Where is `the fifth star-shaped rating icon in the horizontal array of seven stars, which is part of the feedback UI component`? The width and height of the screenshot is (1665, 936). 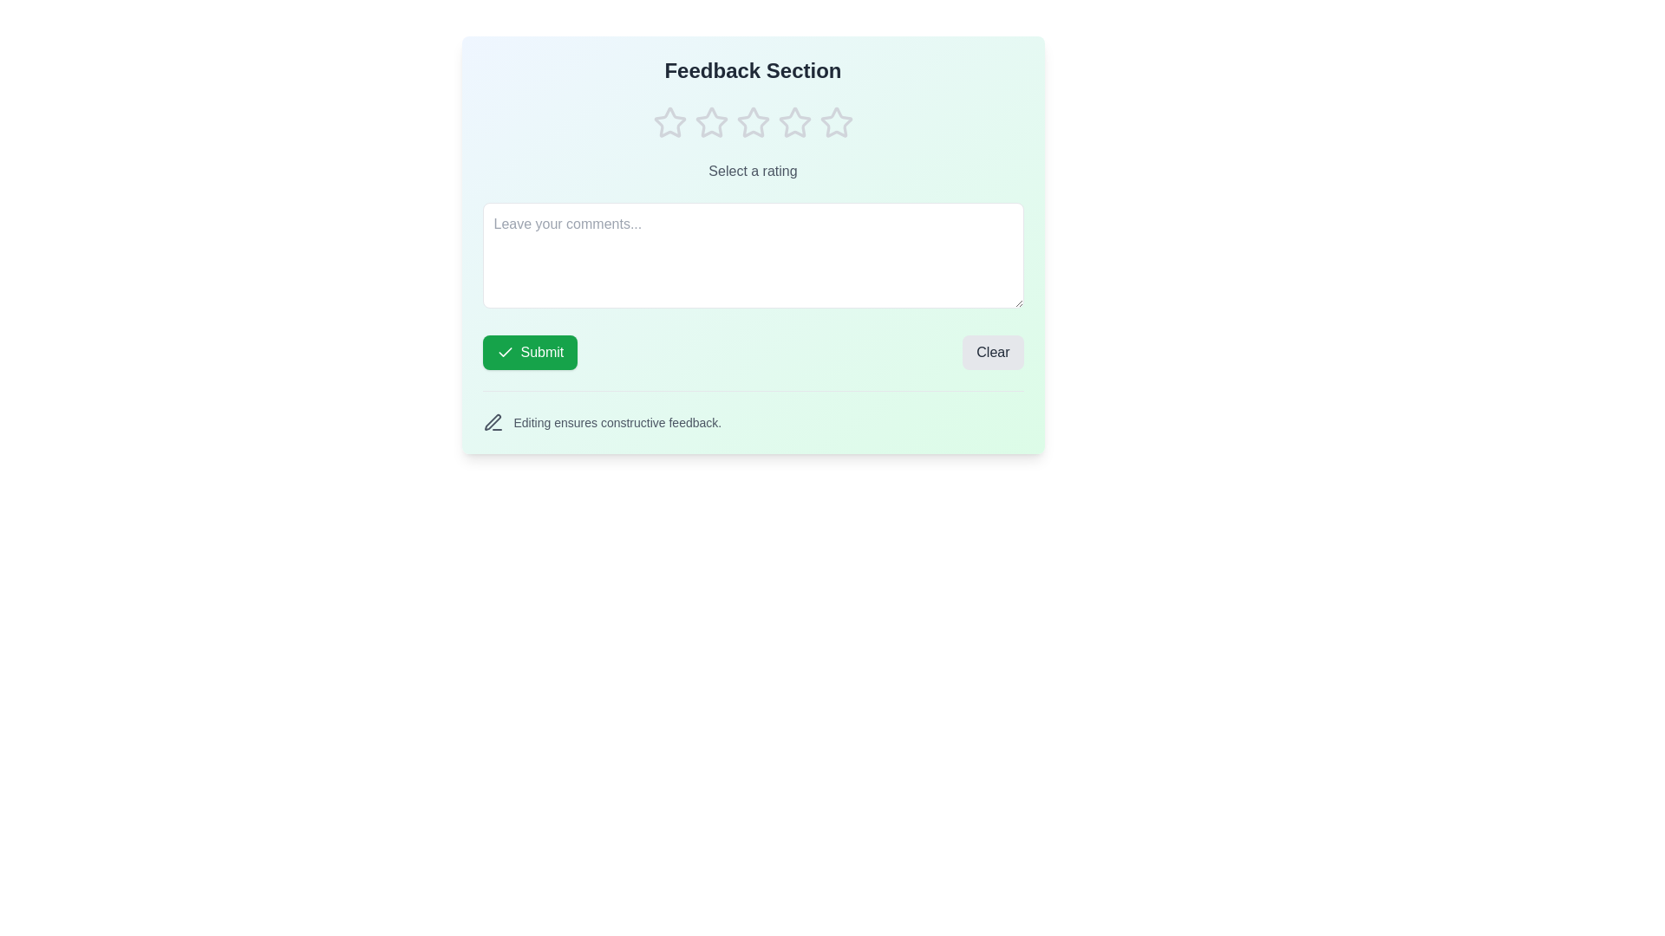
the fifth star-shaped rating icon in the horizontal array of seven stars, which is part of the feedback UI component is located at coordinates (793, 122).